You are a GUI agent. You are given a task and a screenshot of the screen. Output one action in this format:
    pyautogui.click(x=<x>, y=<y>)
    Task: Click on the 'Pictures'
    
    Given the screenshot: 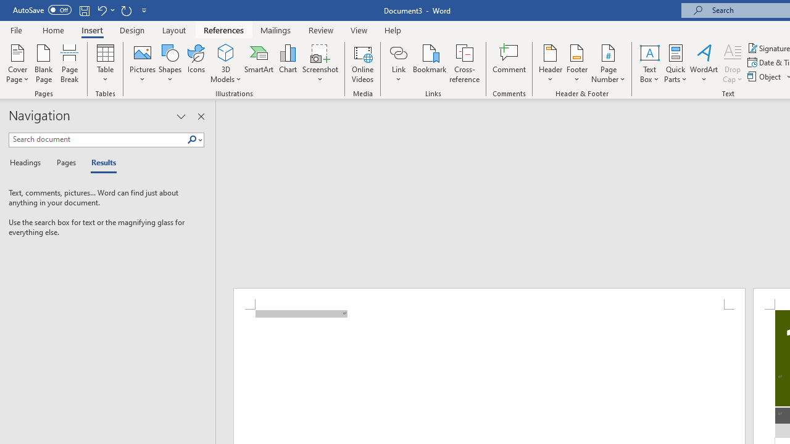 What is the action you would take?
    pyautogui.click(x=143, y=64)
    